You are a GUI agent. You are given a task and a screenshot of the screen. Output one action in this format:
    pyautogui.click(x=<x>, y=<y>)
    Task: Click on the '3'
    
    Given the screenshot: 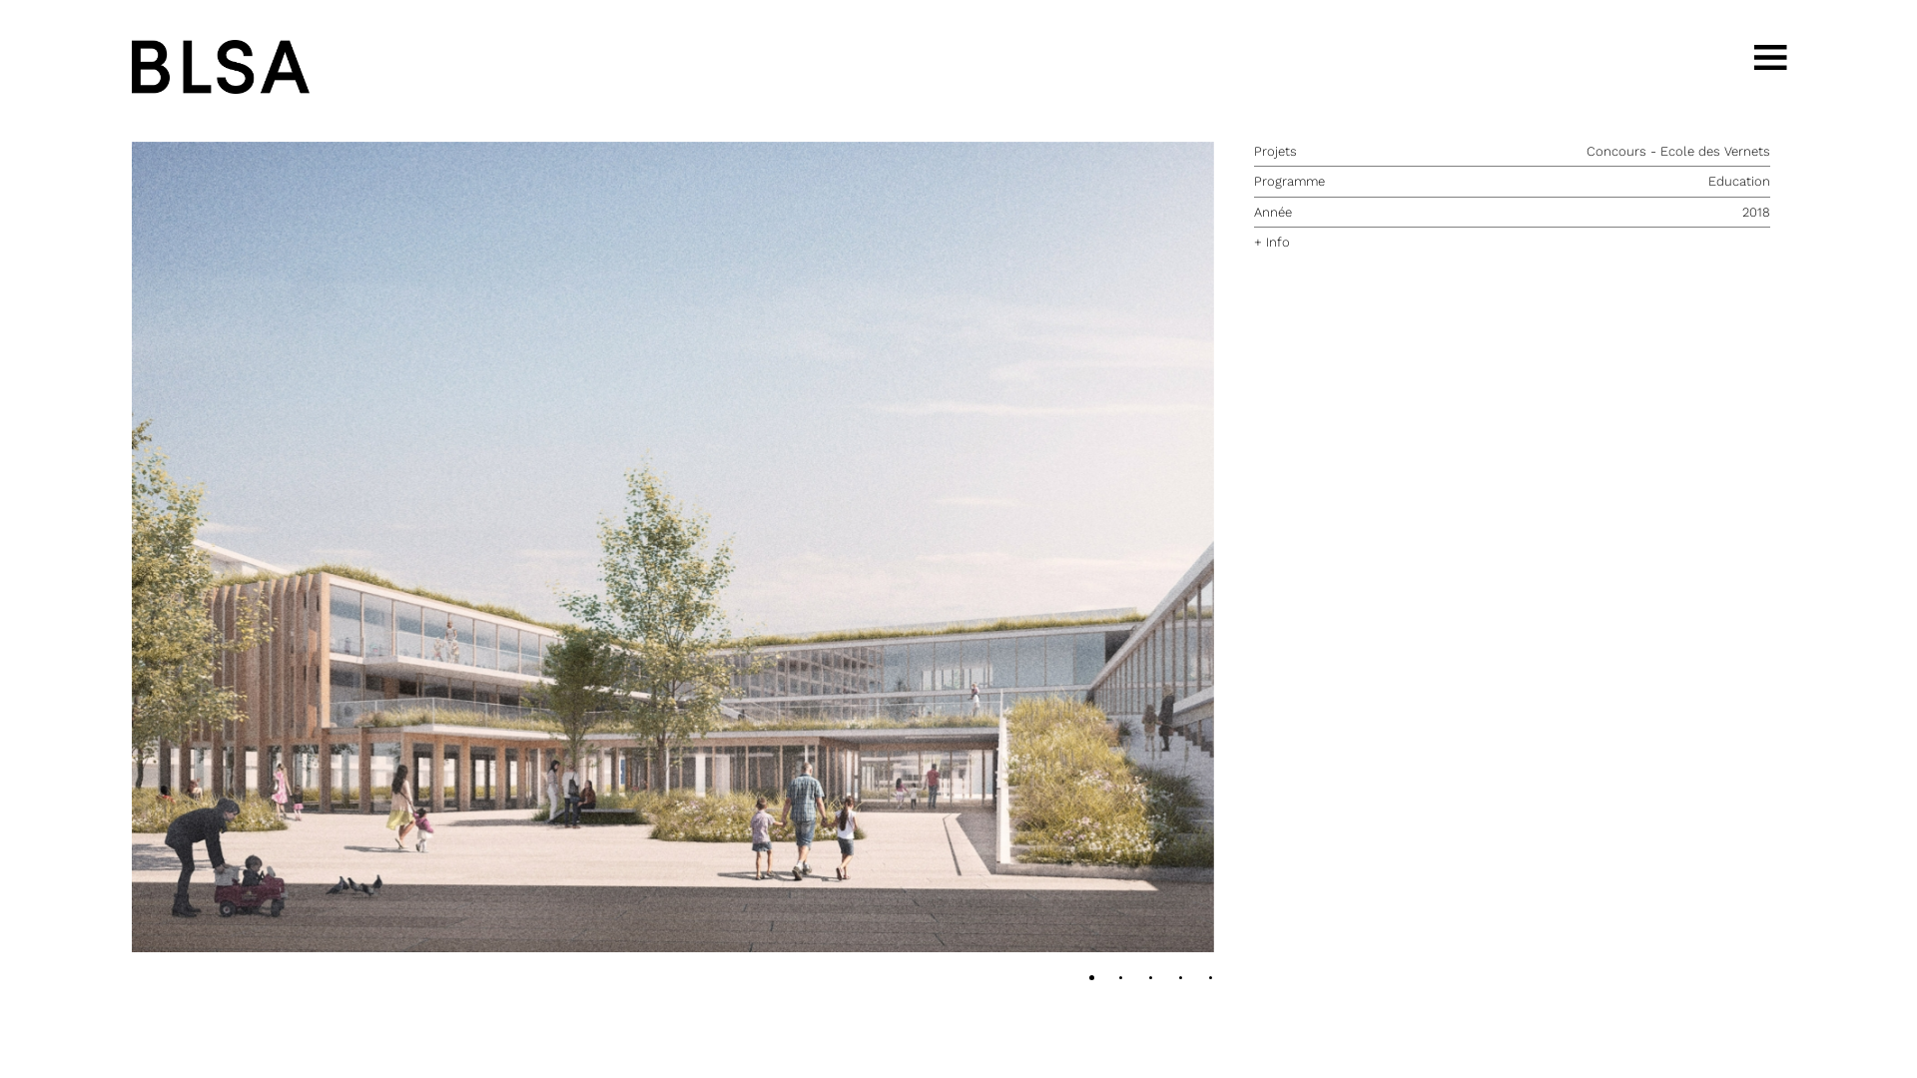 What is the action you would take?
    pyautogui.click(x=1169, y=980)
    